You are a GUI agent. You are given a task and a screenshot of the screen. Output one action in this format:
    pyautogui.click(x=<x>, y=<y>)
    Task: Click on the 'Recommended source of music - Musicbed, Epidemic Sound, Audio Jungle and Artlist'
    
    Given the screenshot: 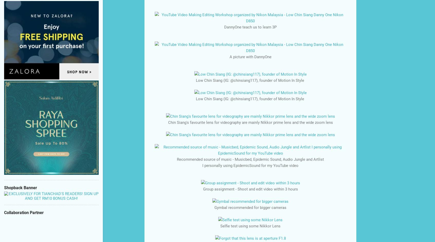 What is the action you would take?
    pyautogui.click(x=250, y=159)
    